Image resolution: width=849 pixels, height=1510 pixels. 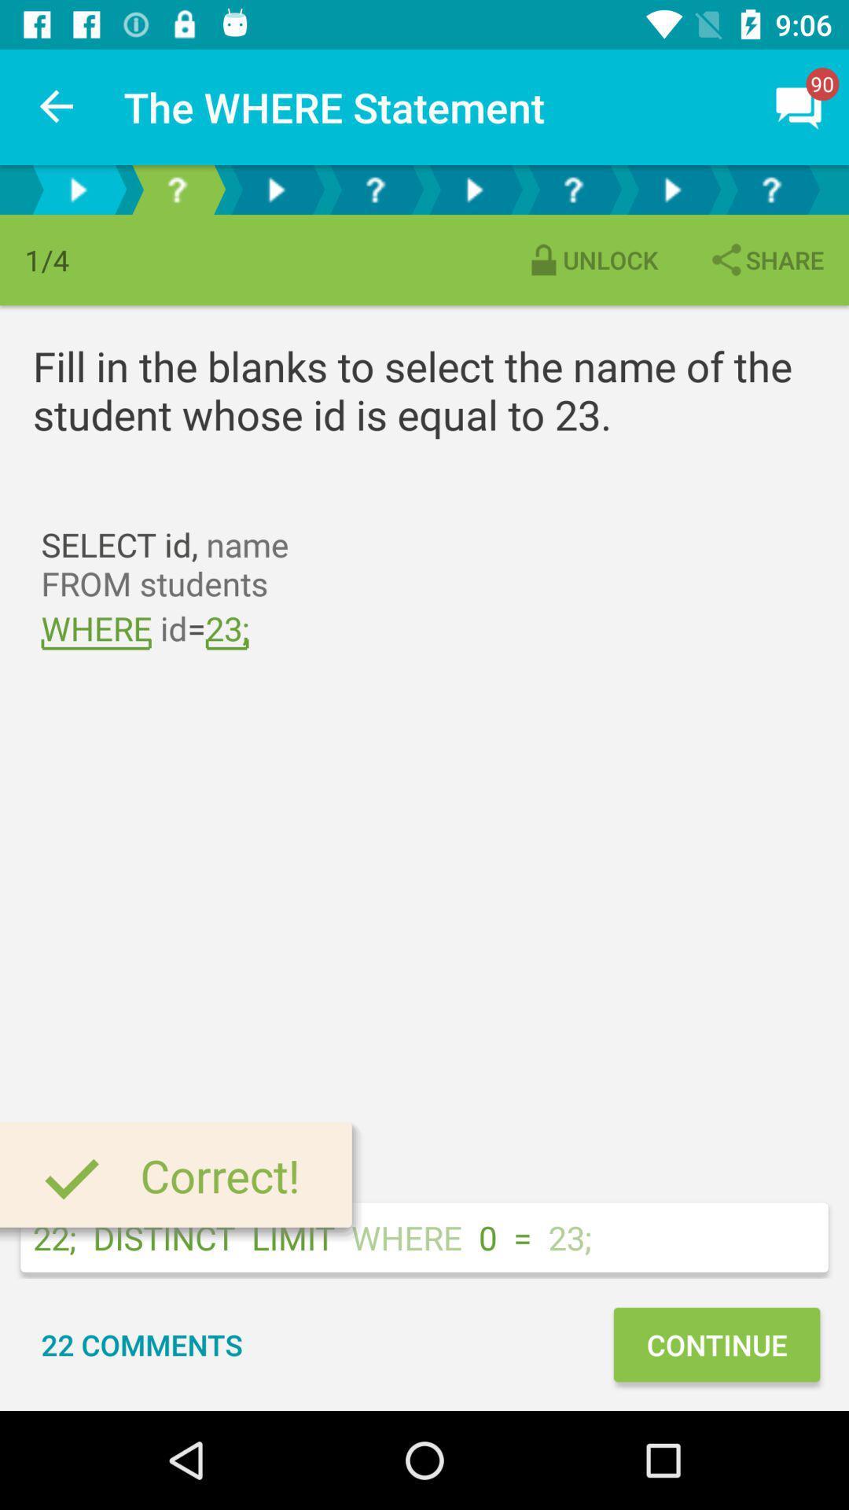 What do you see at coordinates (78, 189) in the screenshot?
I see `go back` at bounding box center [78, 189].